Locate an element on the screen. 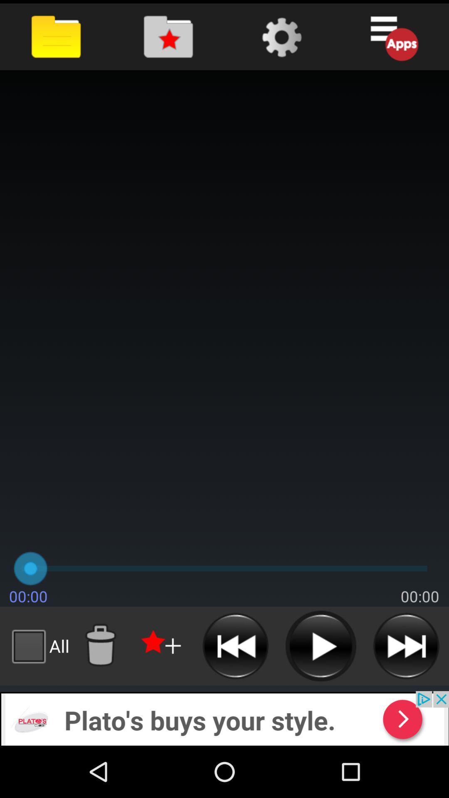 The width and height of the screenshot is (449, 798). button is located at coordinates (320, 645).